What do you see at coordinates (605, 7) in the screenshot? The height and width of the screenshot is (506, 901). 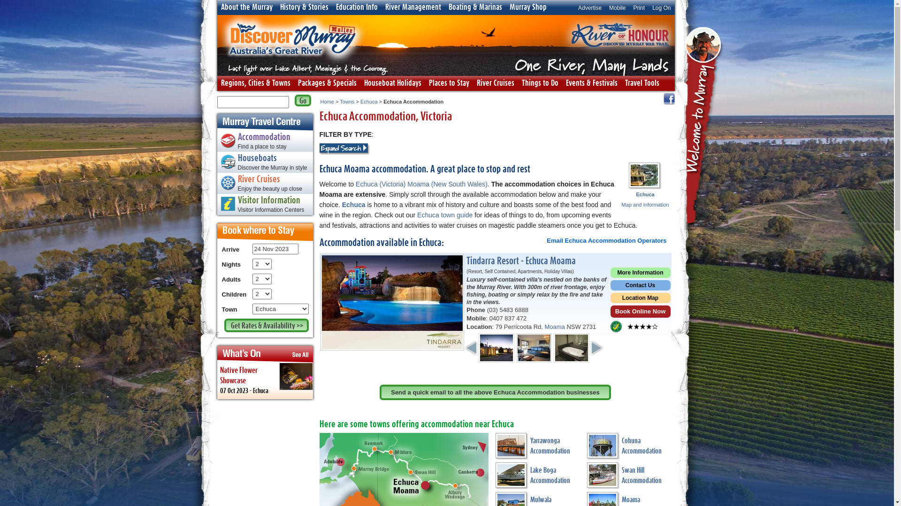 I see `'Mobile'` at bounding box center [605, 7].